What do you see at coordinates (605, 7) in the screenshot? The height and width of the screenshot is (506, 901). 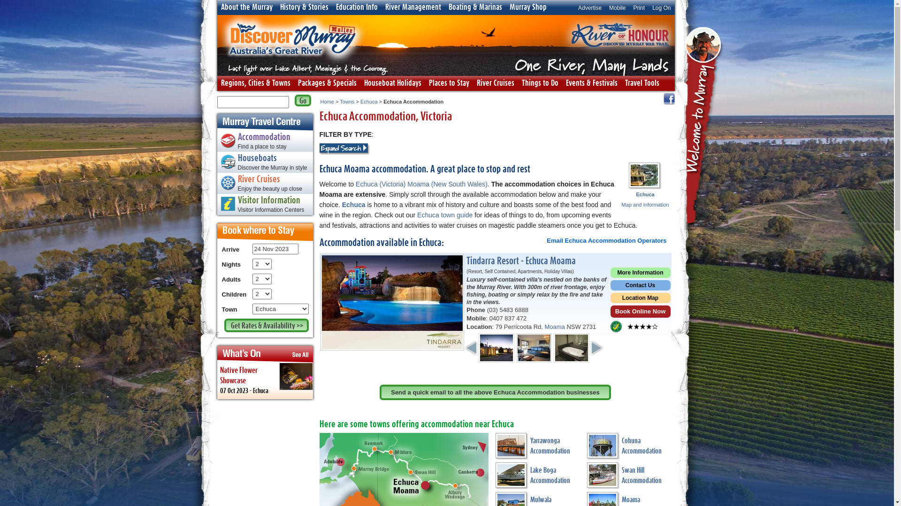 I see `'Mobile'` at bounding box center [605, 7].